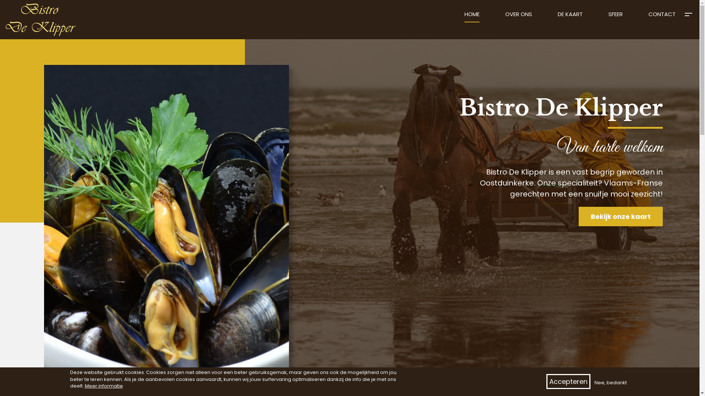  Describe the element at coordinates (546, 381) in the screenshot. I see `'Accepteren'` at that location.